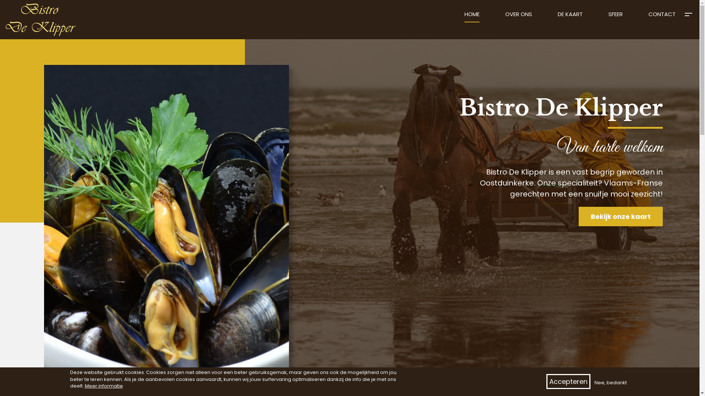  Describe the element at coordinates (546, 381) in the screenshot. I see `'Accepteren'` at that location.